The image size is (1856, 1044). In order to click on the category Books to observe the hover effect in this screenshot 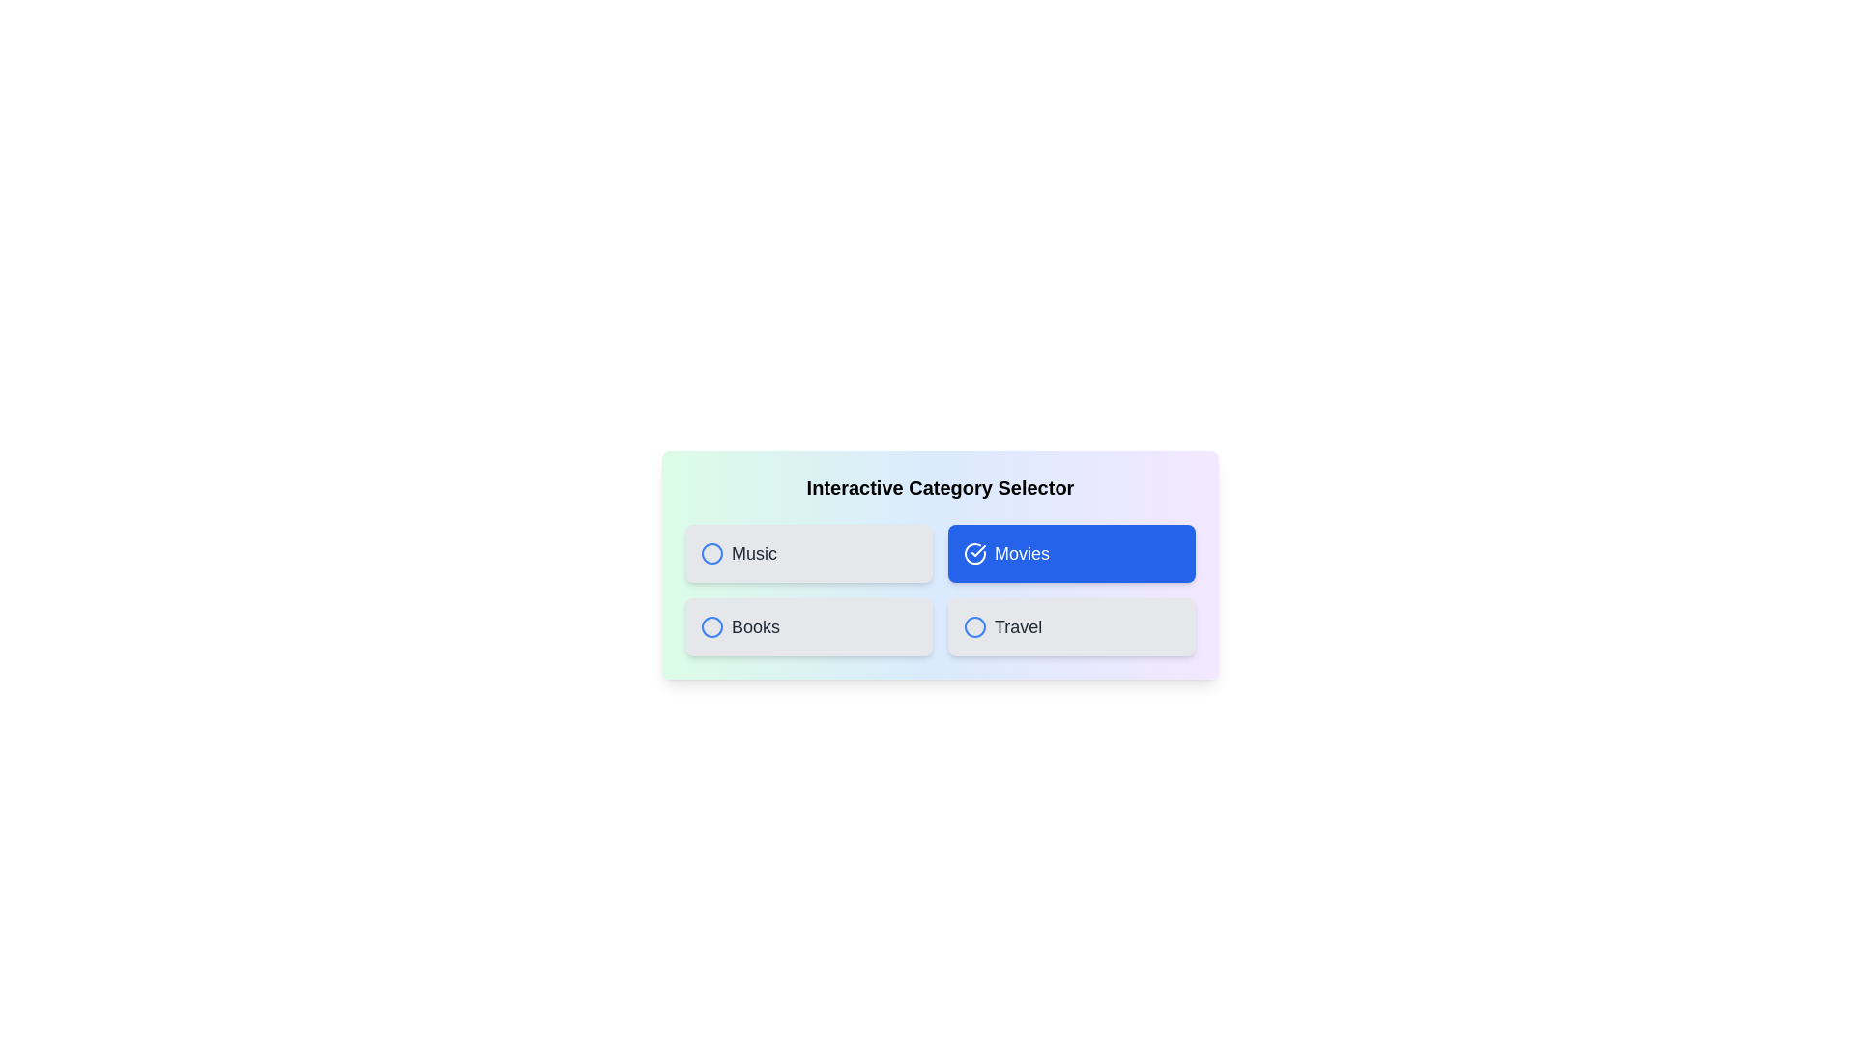, I will do `click(808, 626)`.